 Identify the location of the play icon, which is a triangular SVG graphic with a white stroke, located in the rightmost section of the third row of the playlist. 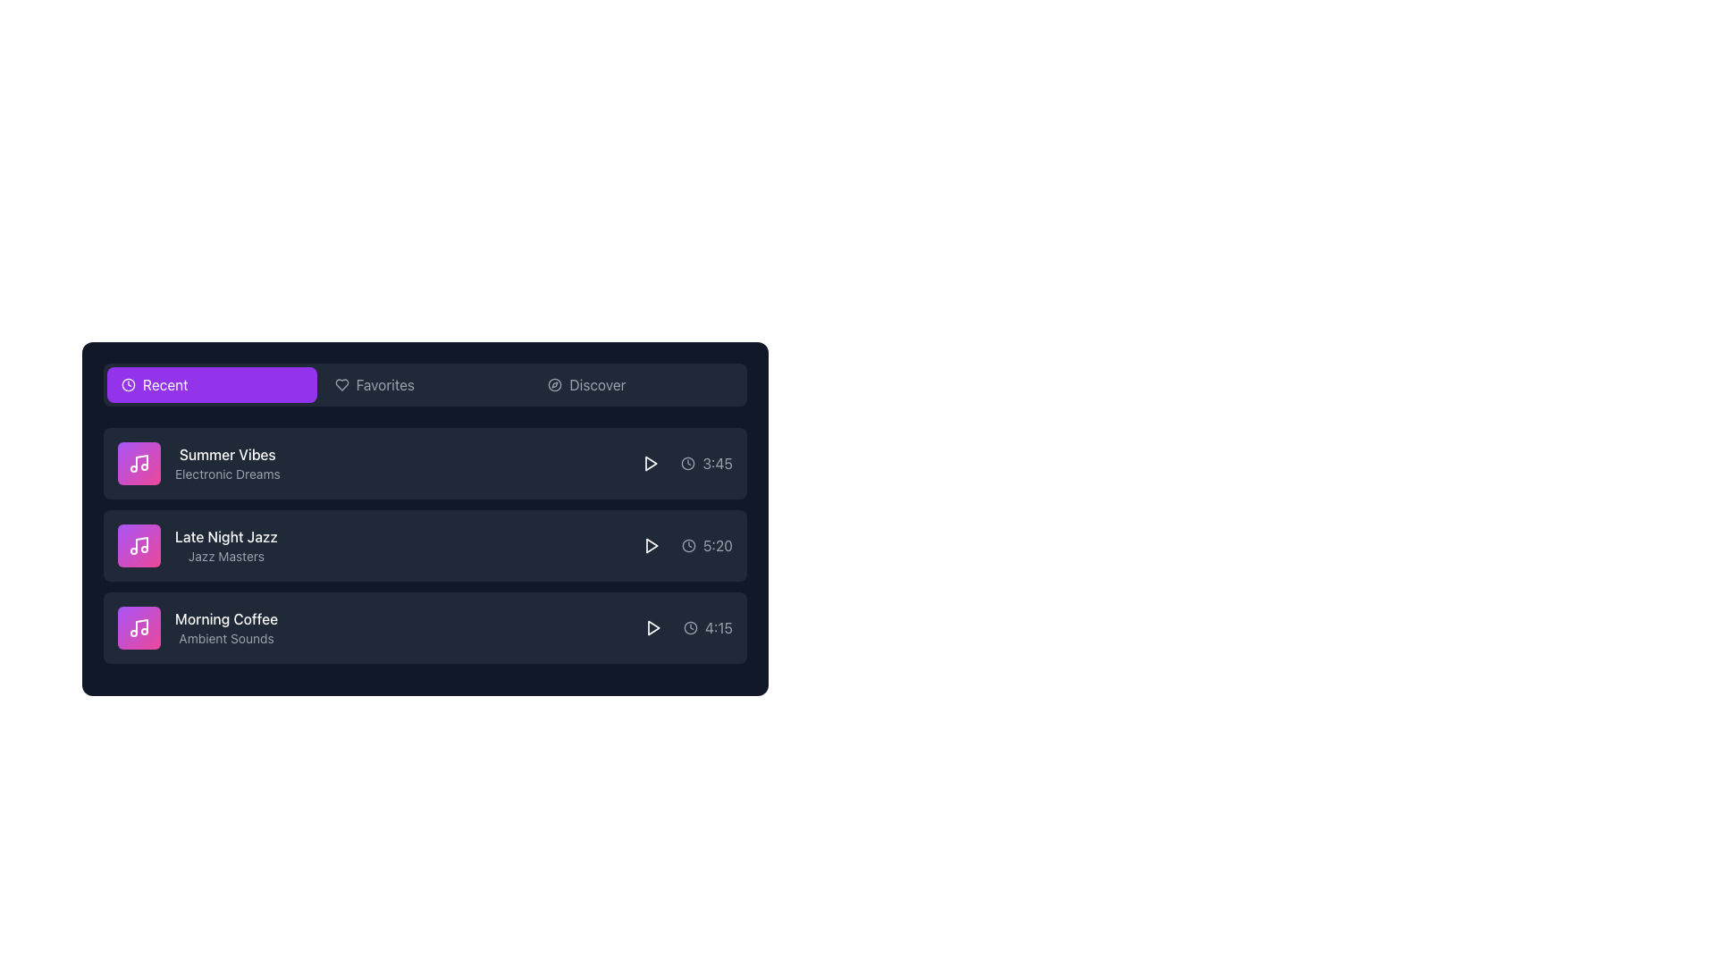
(652, 626).